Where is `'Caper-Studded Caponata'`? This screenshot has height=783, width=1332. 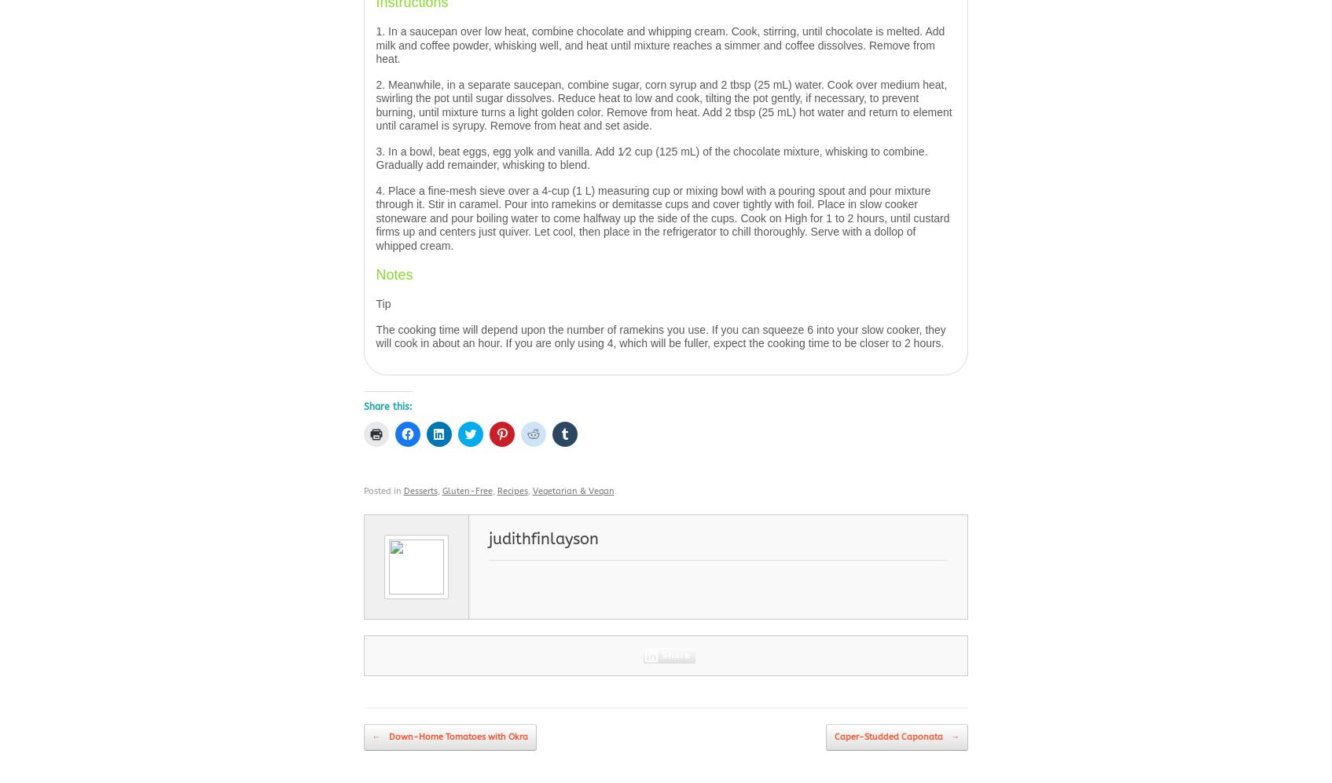
'Caper-Studded Caponata' is located at coordinates (889, 737).